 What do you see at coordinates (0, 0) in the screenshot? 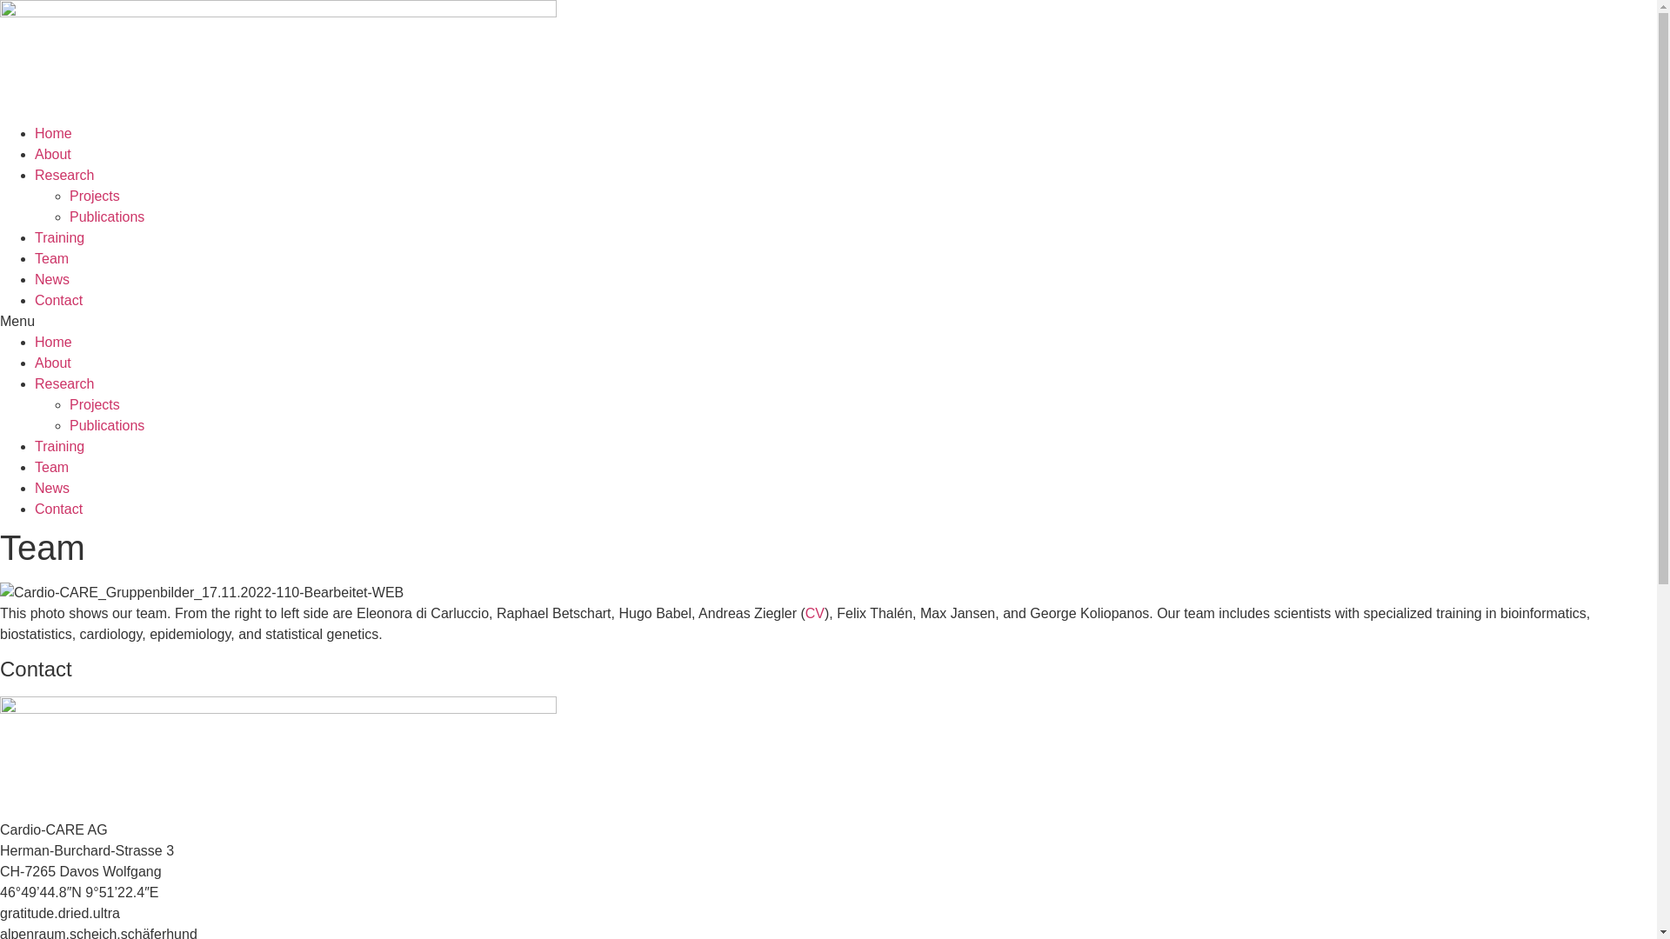
I see `'Skip to content'` at bounding box center [0, 0].